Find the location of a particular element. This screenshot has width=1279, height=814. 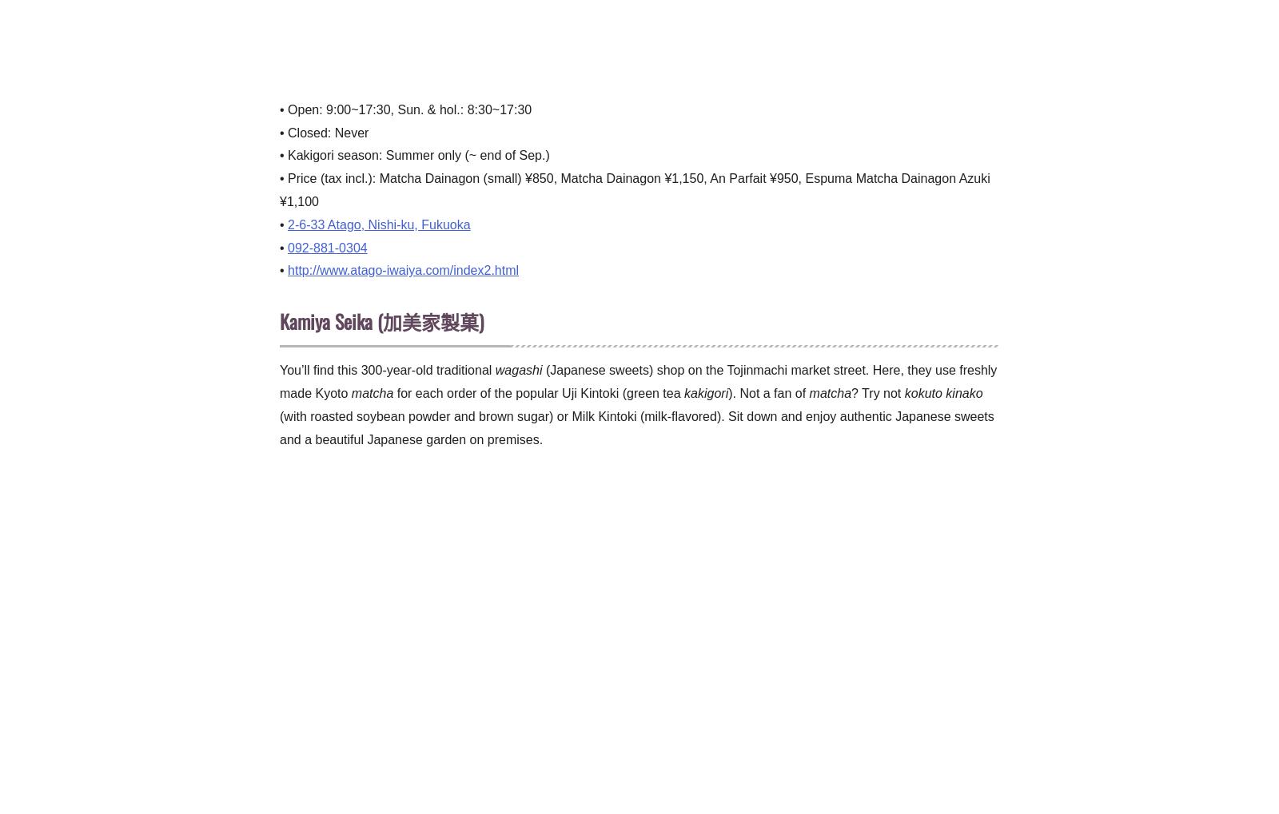

'kakigori' is located at coordinates (683, 391).